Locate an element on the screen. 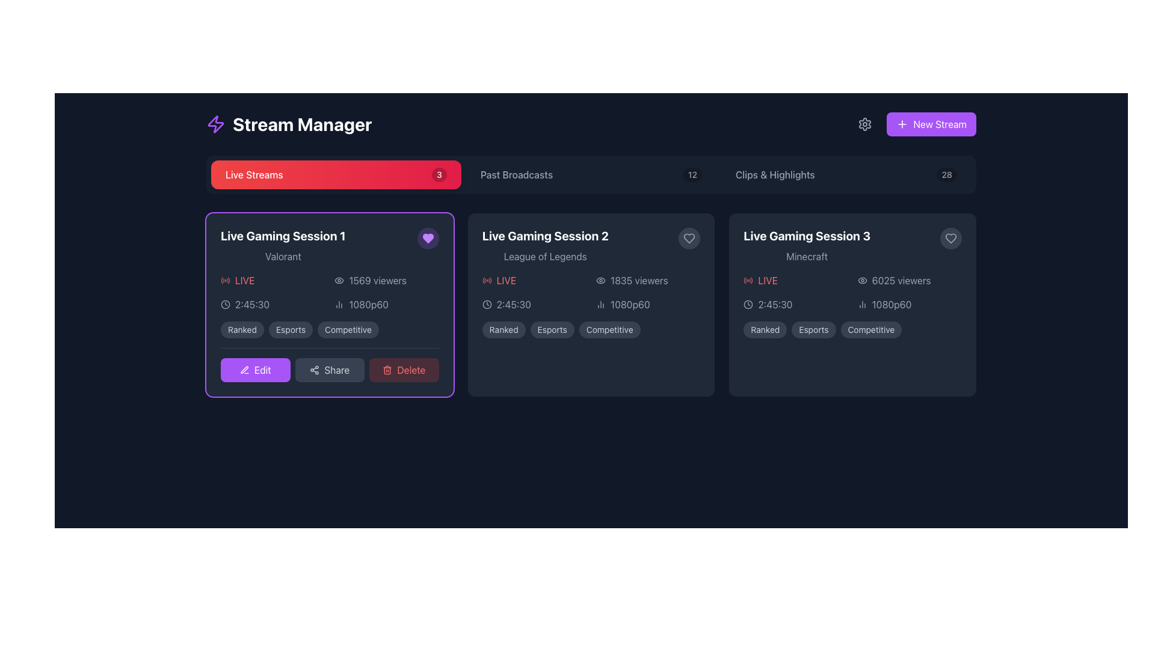 The image size is (1155, 649). the 'Clips & Highlights' tab, which is the third tab in a row of three is located at coordinates (845, 174).